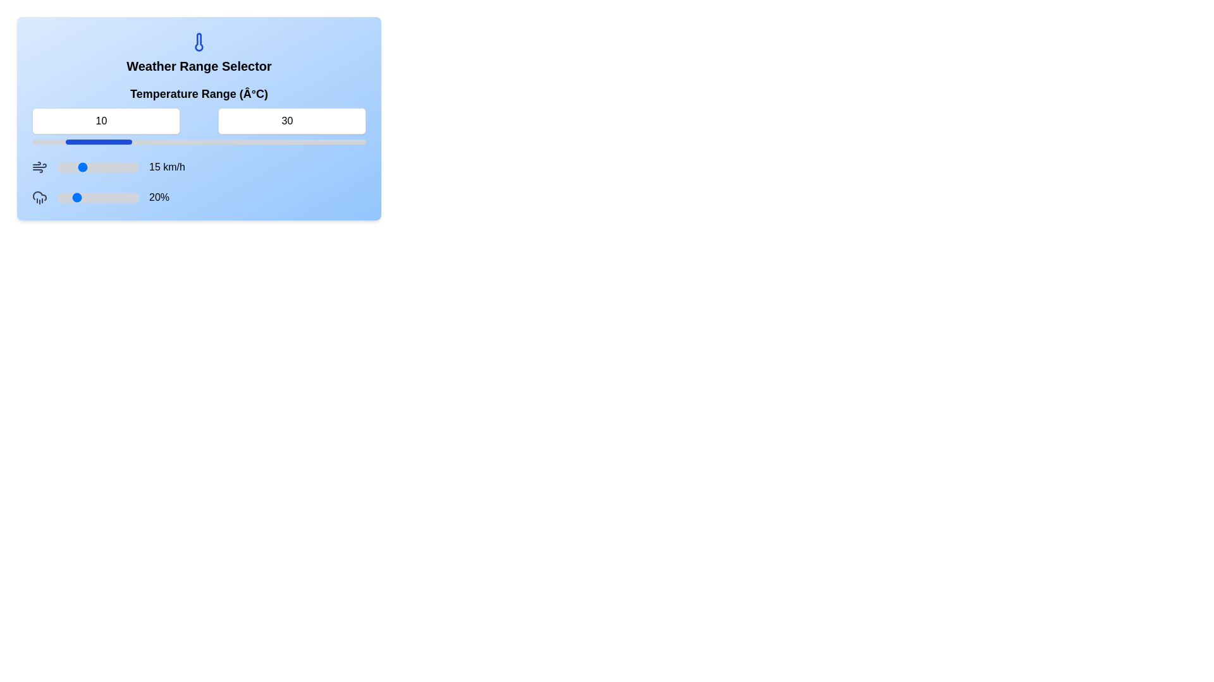 This screenshot has height=682, width=1214. I want to click on the wind speed, so click(125, 167).